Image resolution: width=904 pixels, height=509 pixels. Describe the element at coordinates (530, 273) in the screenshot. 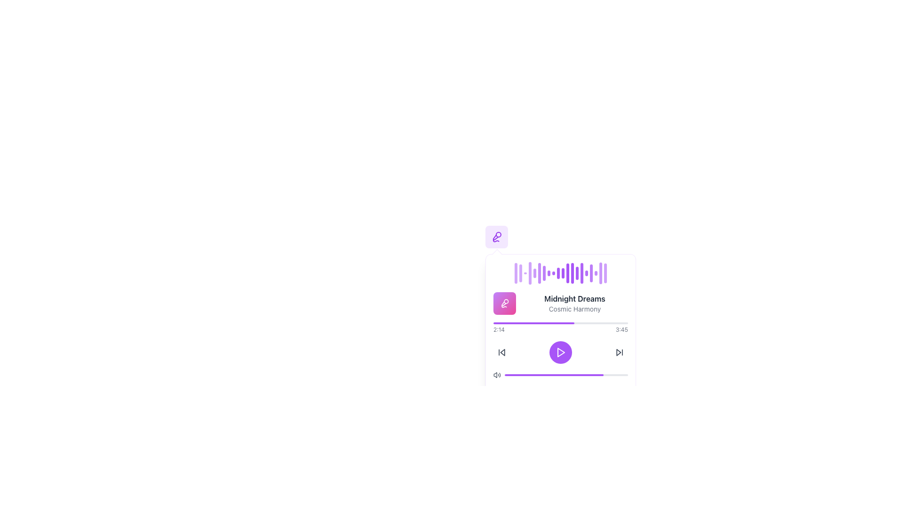

I see `fourth vertical purple waveform bar located near the top center of the music playback interface` at that location.